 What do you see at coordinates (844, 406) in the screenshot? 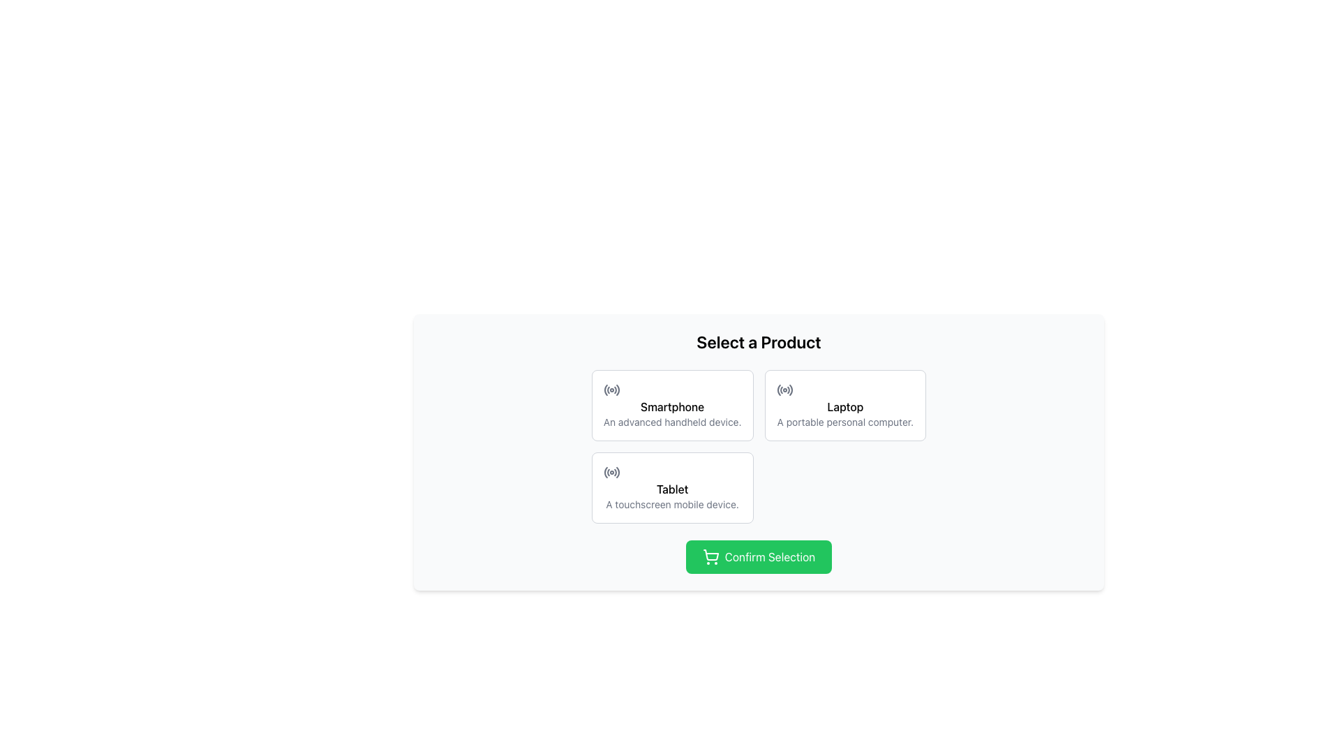
I see `'Laptop' text label displayed in a modern typeface at the top of the product selection card` at bounding box center [844, 406].